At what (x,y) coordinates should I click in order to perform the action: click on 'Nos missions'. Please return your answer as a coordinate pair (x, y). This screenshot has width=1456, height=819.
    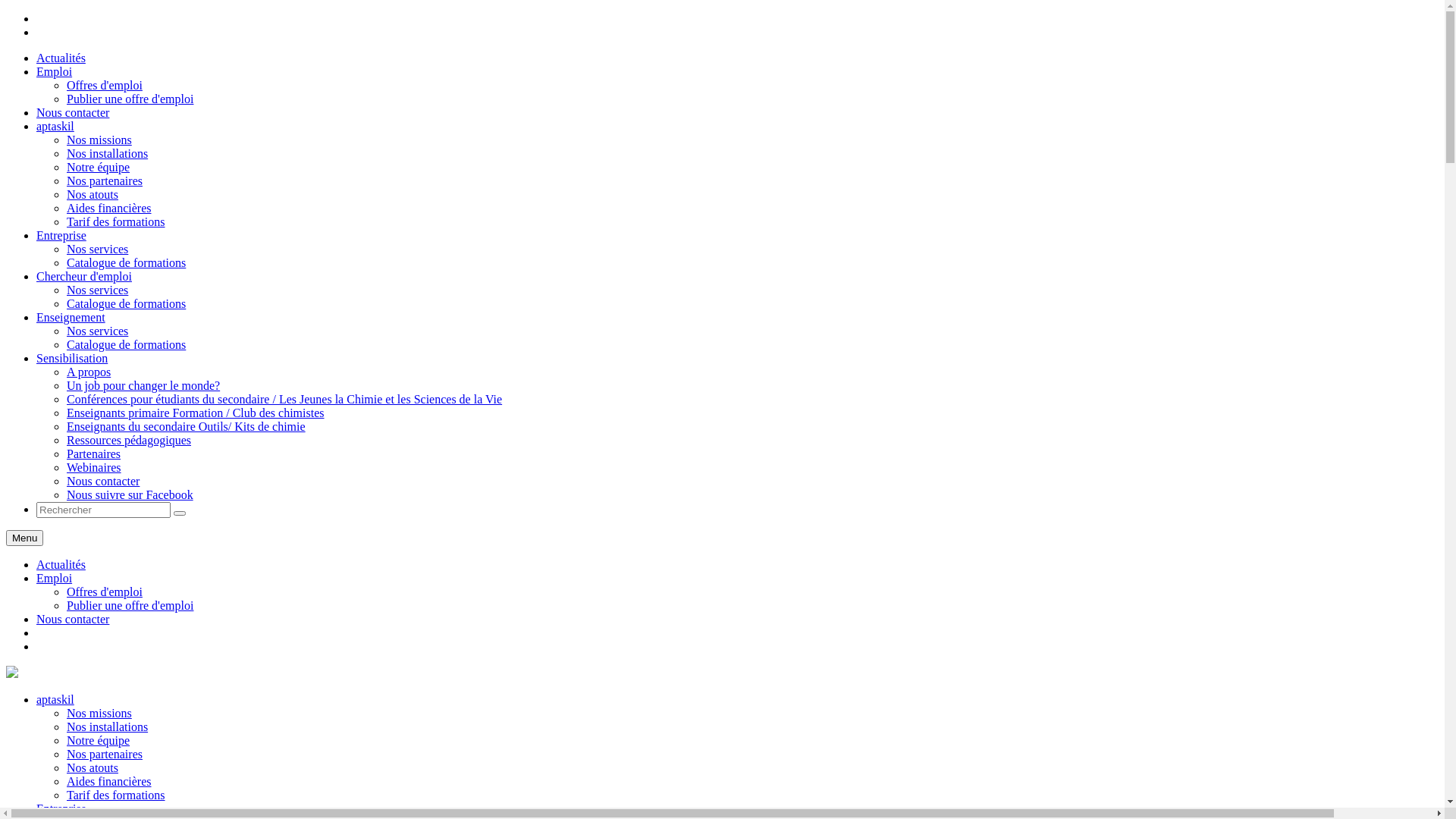
    Looking at the image, I should click on (98, 713).